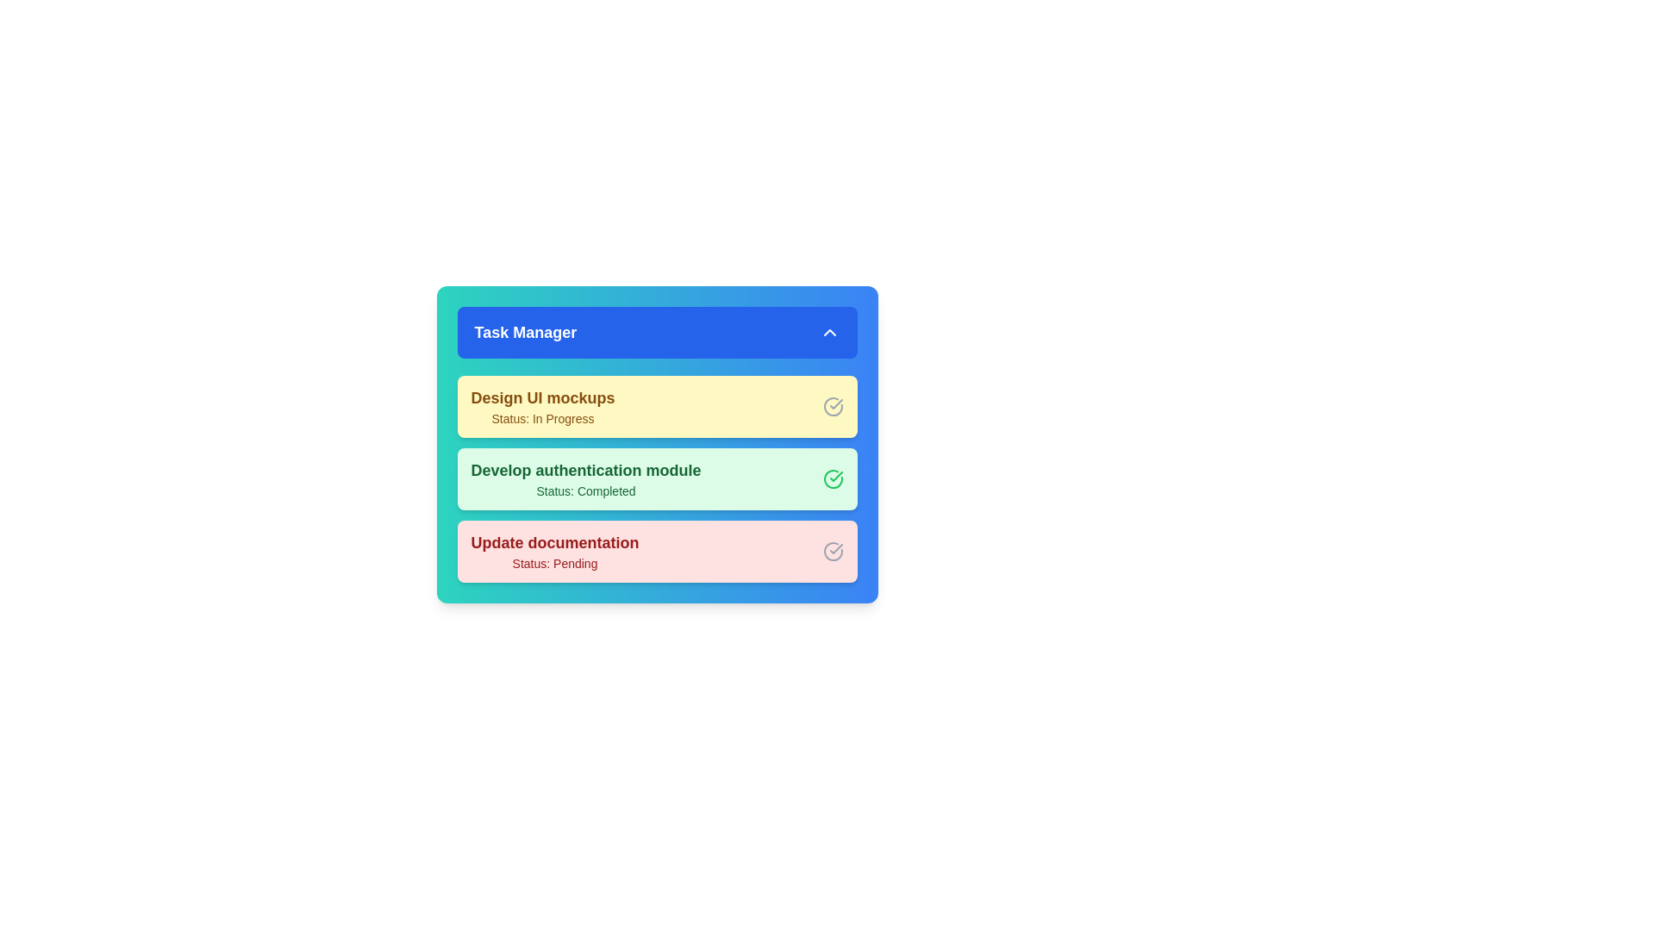 Image resolution: width=1655 pixels, height=931 pixels. Describe the element at coordinates (554, 552) in the screenshot. I see `the task 'Update documentation' from the list to mark it as active` at that location.